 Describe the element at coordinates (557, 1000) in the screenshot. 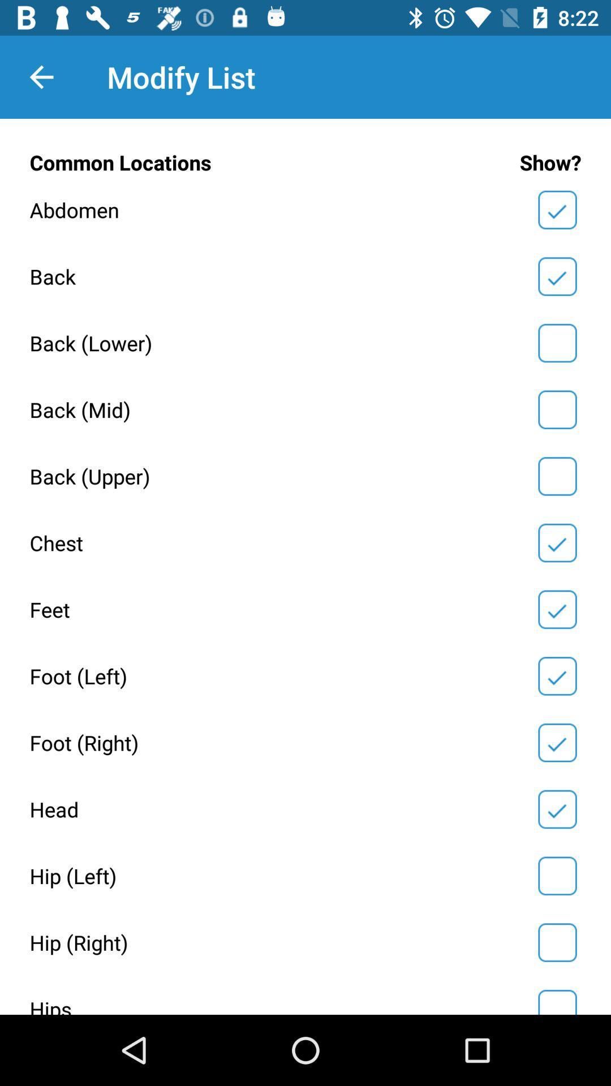

I see `check mark box` at that location.